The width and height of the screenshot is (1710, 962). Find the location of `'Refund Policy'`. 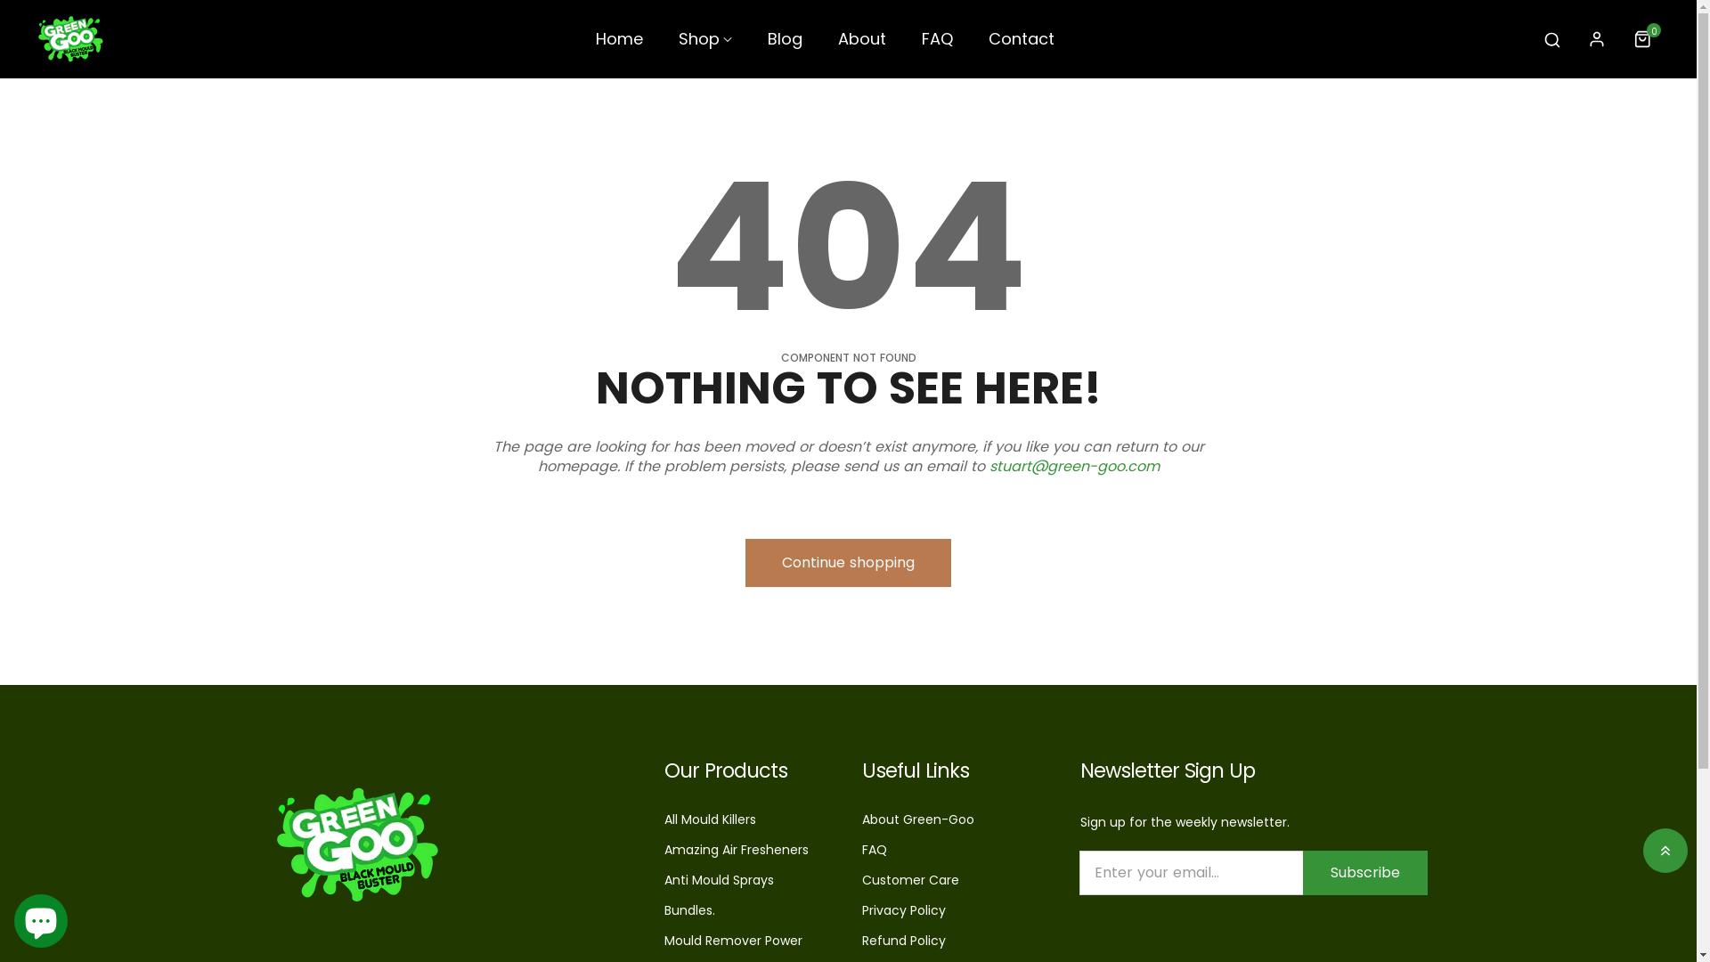

'Refund Policy' is located at coordinates (903, 940).